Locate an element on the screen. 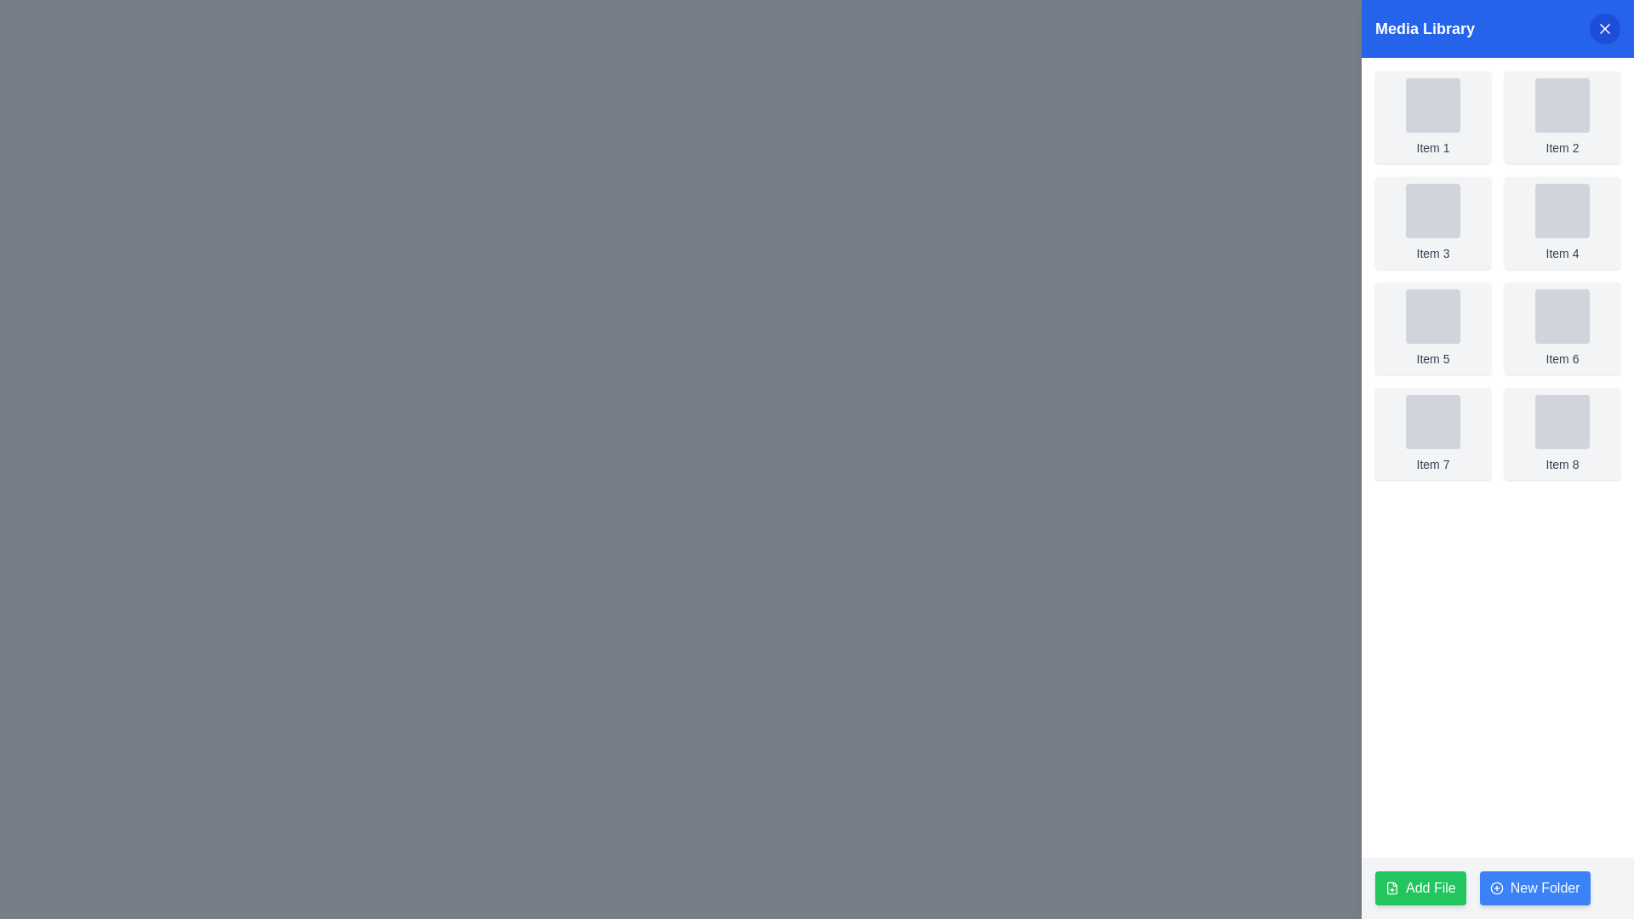  the circular button with a blue background and a white 'X' symbol located in the top-right corner of the header labeled 'Media Library' is located at coordinates (1604, 29).